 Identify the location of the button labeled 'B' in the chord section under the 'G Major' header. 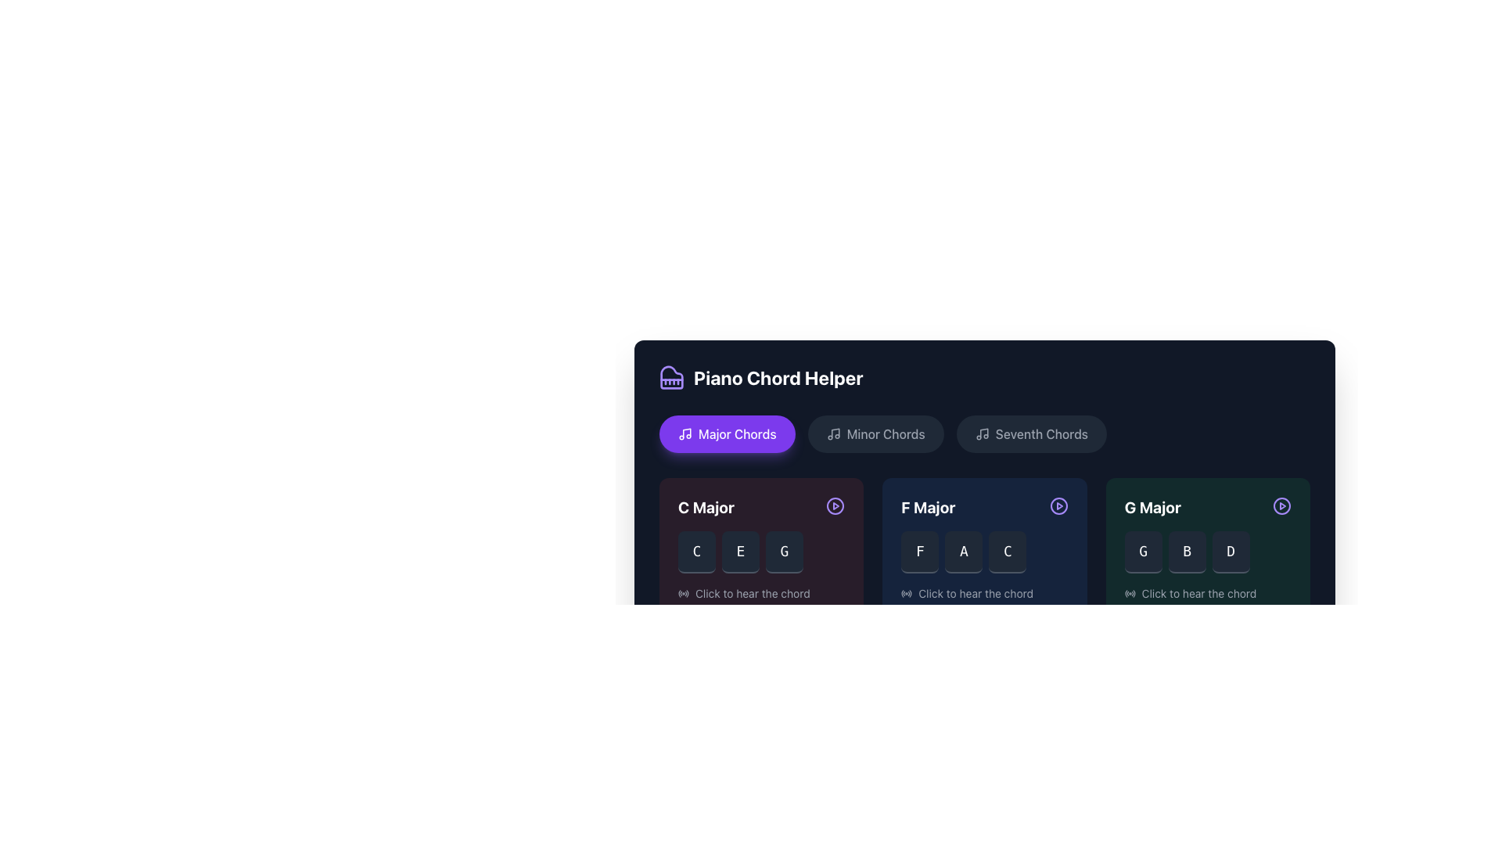
(1187, 551).